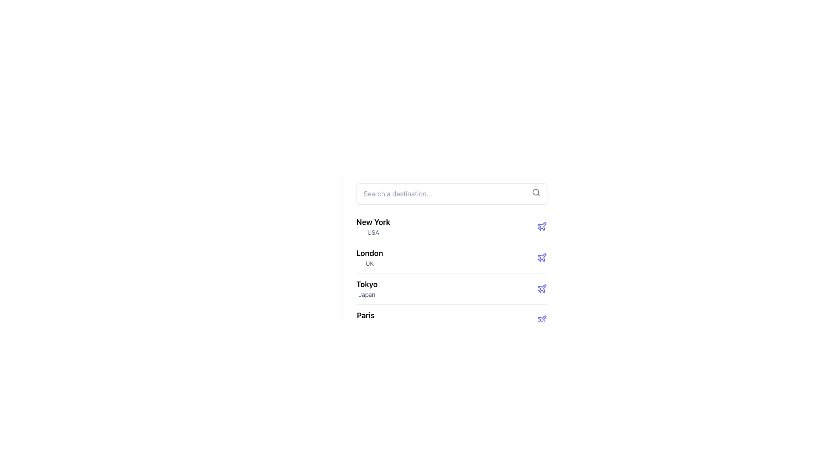  What do you see at coordinates (451, 319) in the screenshot?
I see `the list item displaying 'Paris' in bold font with the subtitle 'France'` at bounding box center [451, 319].